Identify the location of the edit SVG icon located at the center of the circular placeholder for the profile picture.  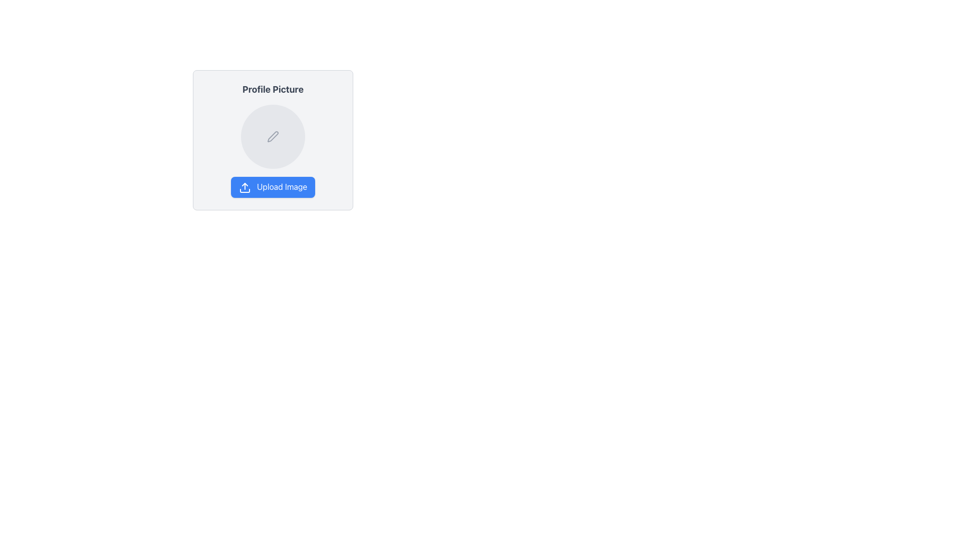
(273, 137).